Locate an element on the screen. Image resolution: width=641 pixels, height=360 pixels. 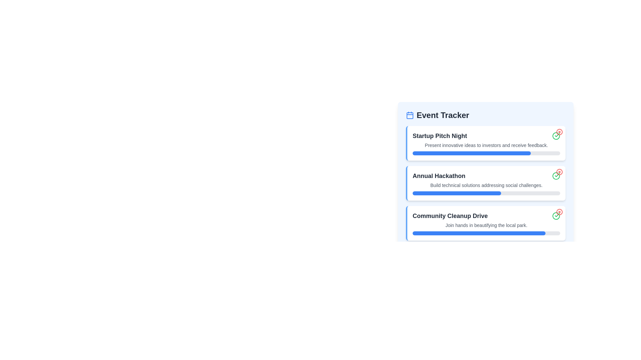
the cancellation icon located at the top-right corner of the 'Annual Hackathon' card is located at coordinates (559, 171).